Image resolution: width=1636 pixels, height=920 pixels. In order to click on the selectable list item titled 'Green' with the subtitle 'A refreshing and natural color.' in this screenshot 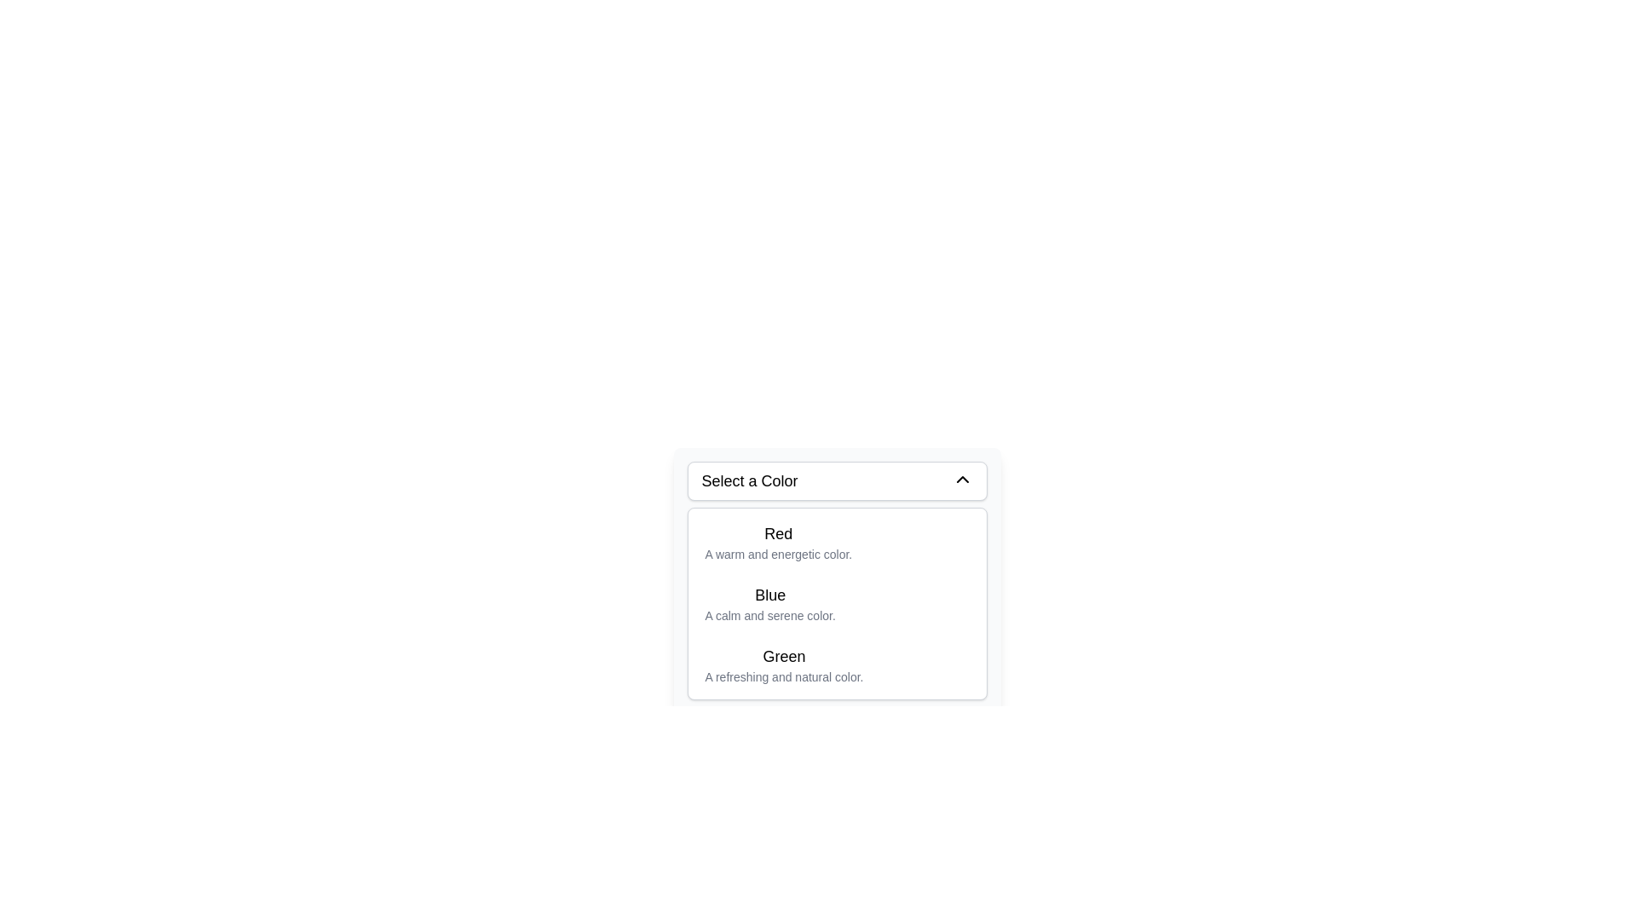, I will do `click(783, 664)`.